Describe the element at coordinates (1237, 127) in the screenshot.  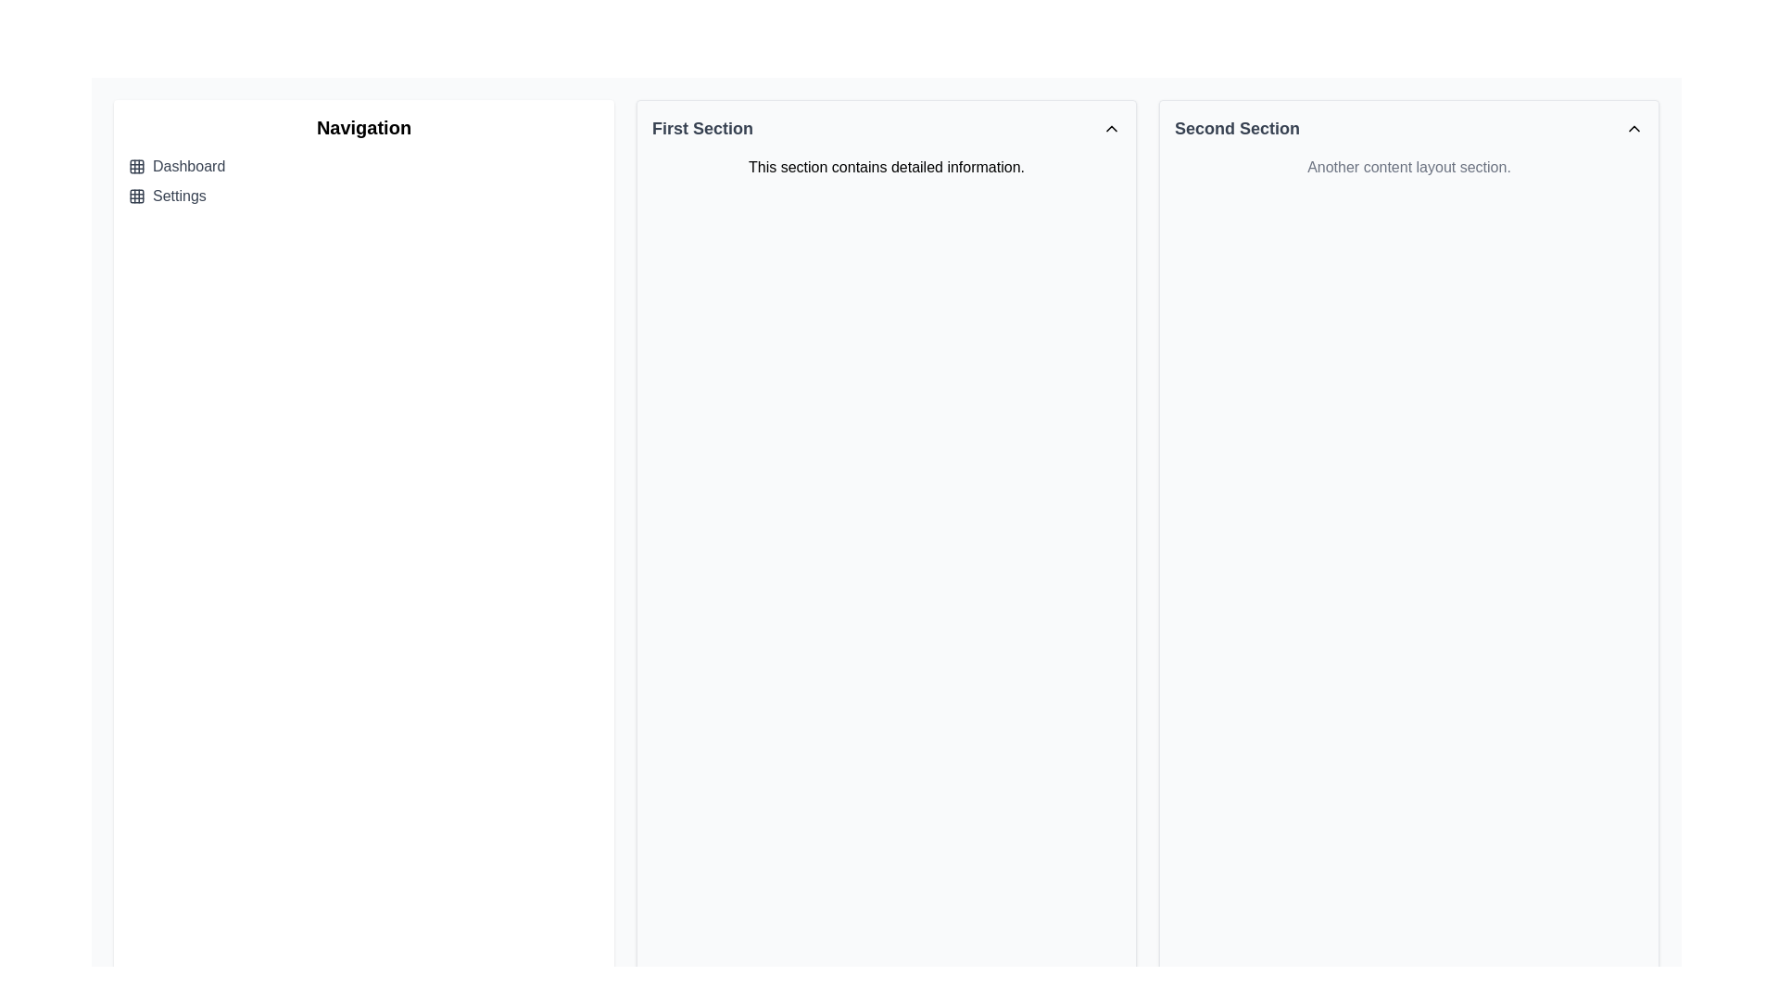
I see `the textual header that reads 'Second Section', styled in medium-sized, bold, dark gray font, located at the top-left corner of the right-hand panel in a three-column layout` at that location.